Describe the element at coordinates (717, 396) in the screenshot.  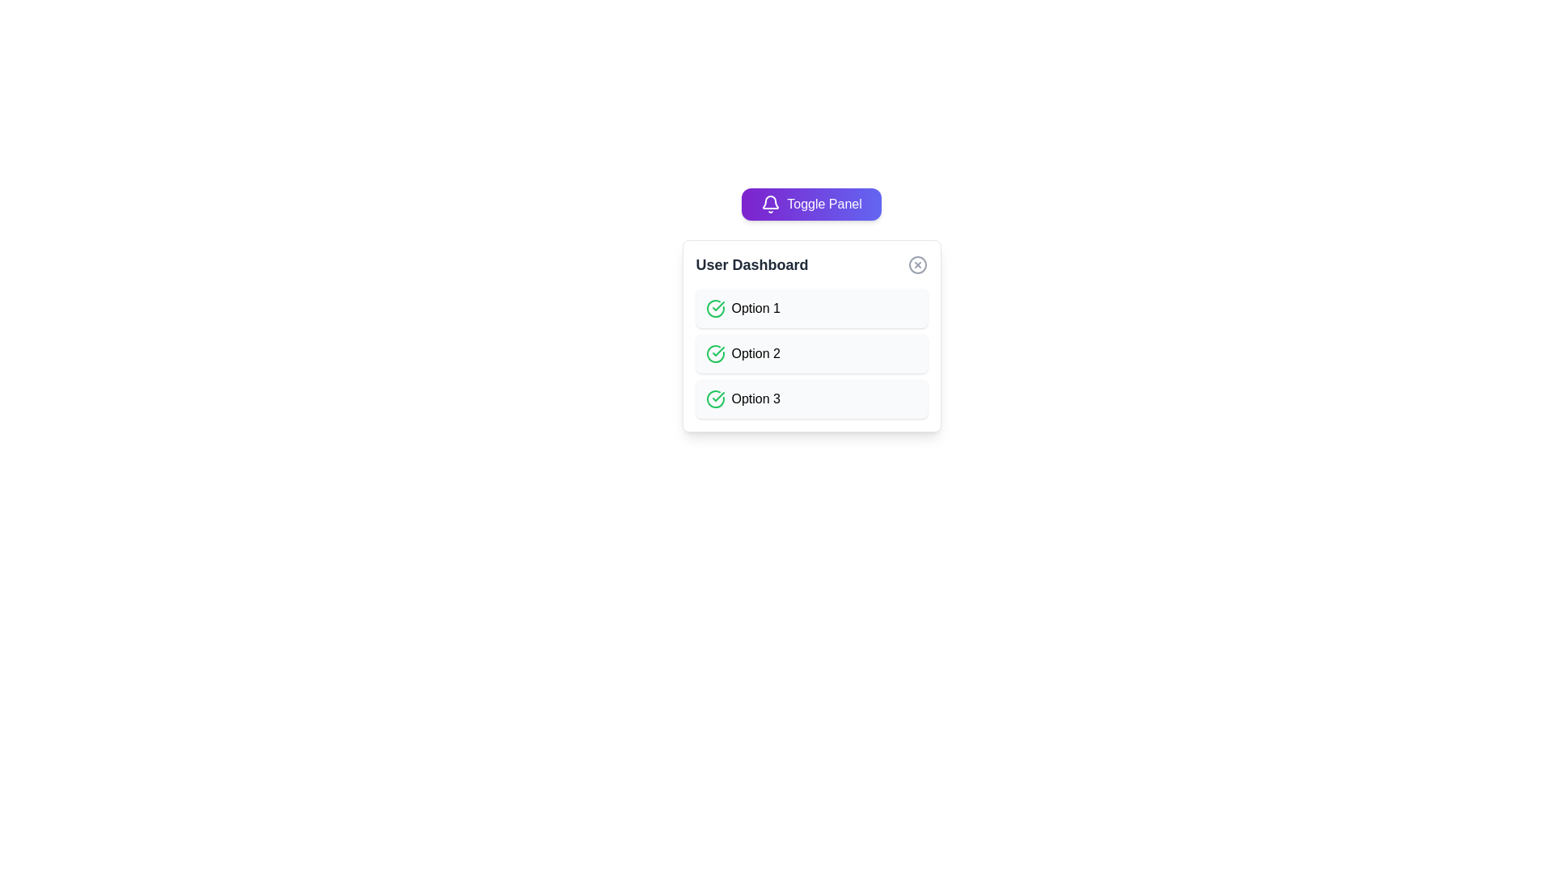
I see `the success indication icon for 'Option 3' in the 'User Dashboard'` at that location.